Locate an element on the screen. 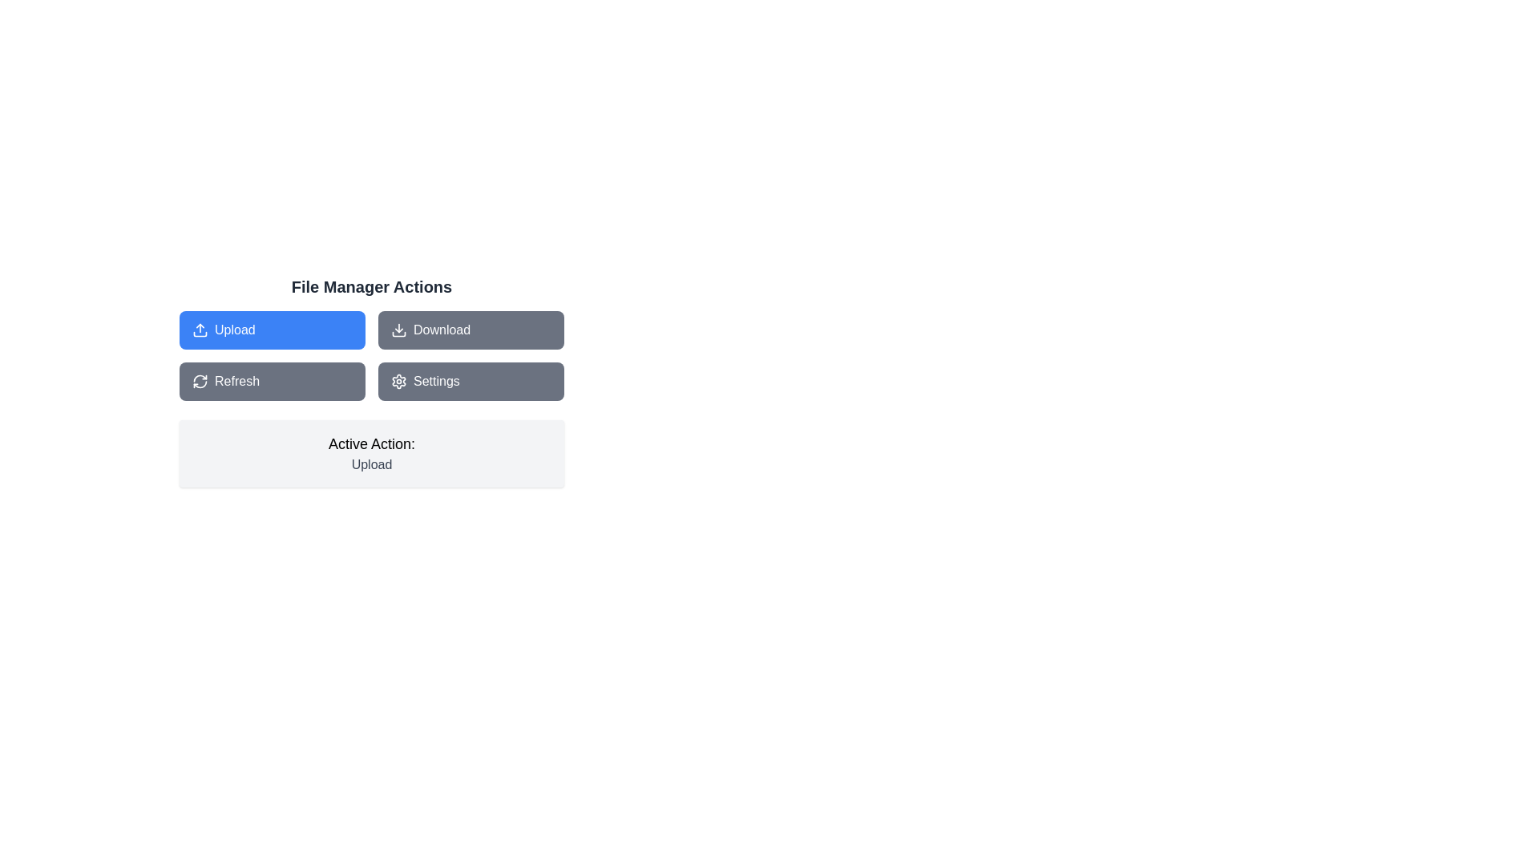  the top-left button in a grid layout that triggers an upload action is located at coordinates (273, 330).